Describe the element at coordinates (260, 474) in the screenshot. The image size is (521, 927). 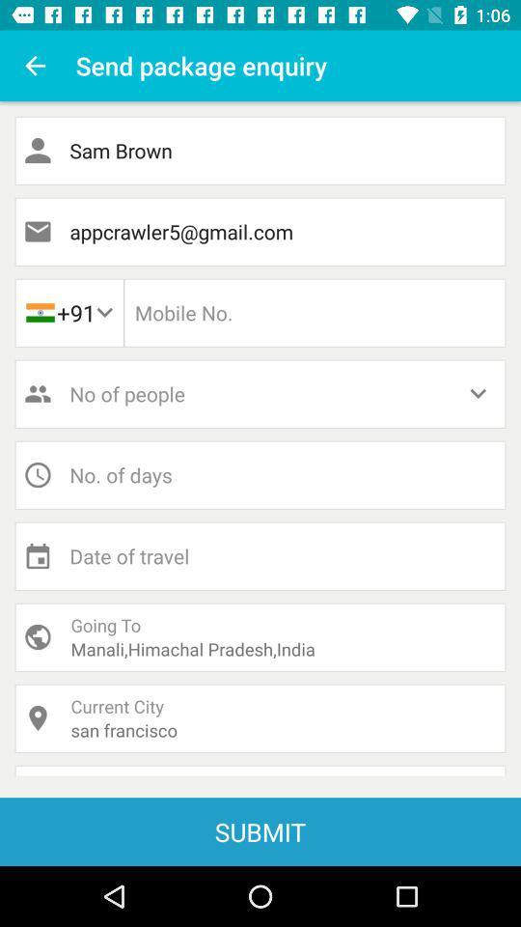
I see `icon below no of people` at that location.